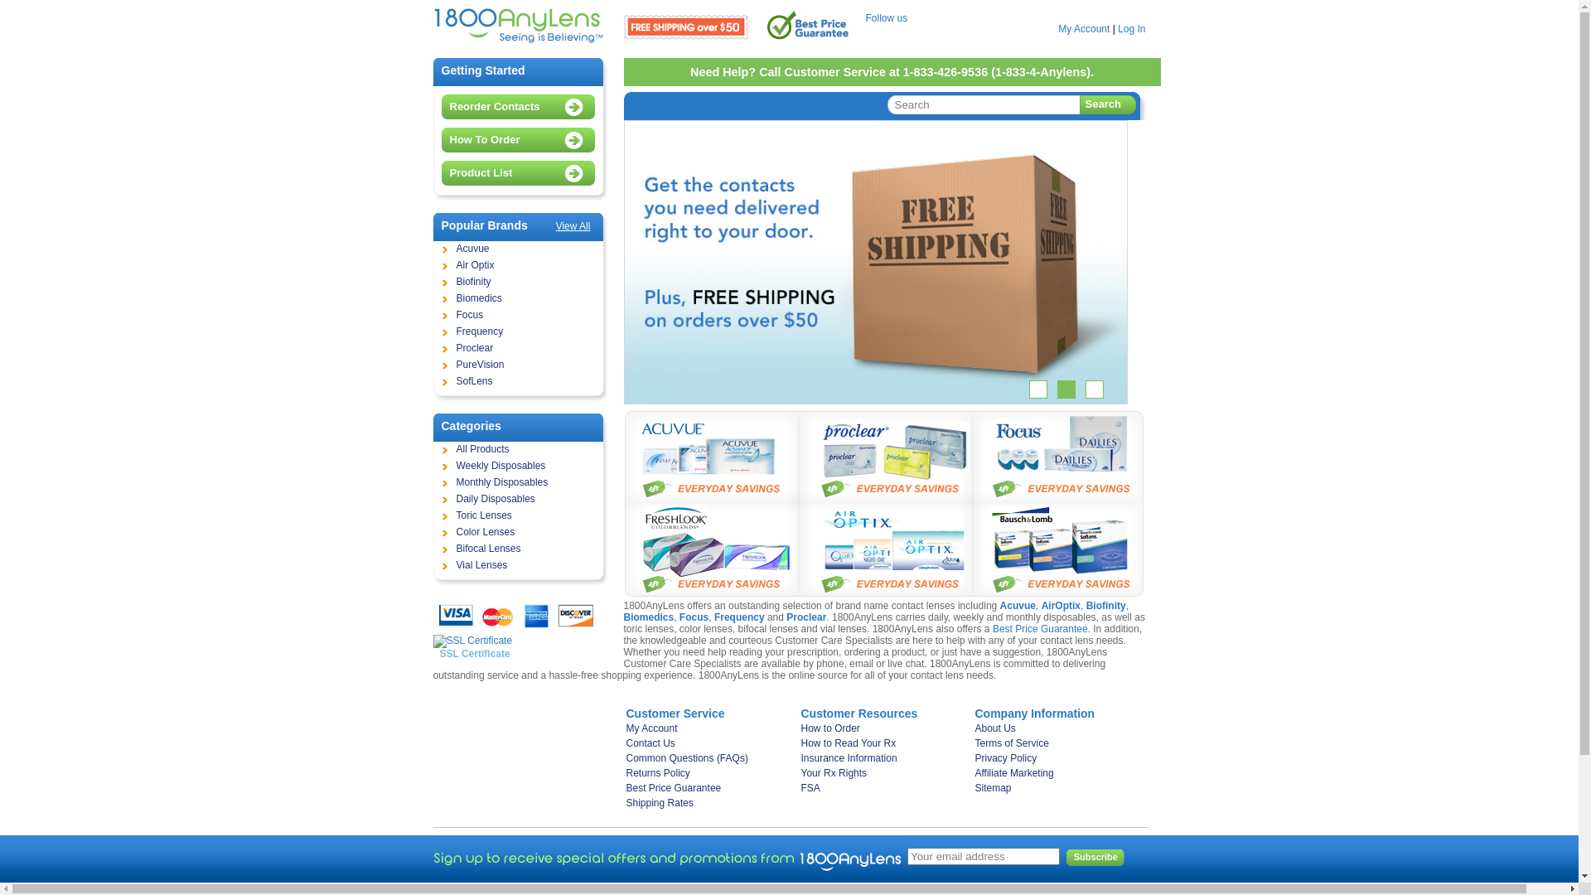 This screenshot has height=895, width=1591. What do you see at coordinates (433, 549) in the screenshot?
I see `'Bifocal Lenses'` at bounding box center [433, 549].